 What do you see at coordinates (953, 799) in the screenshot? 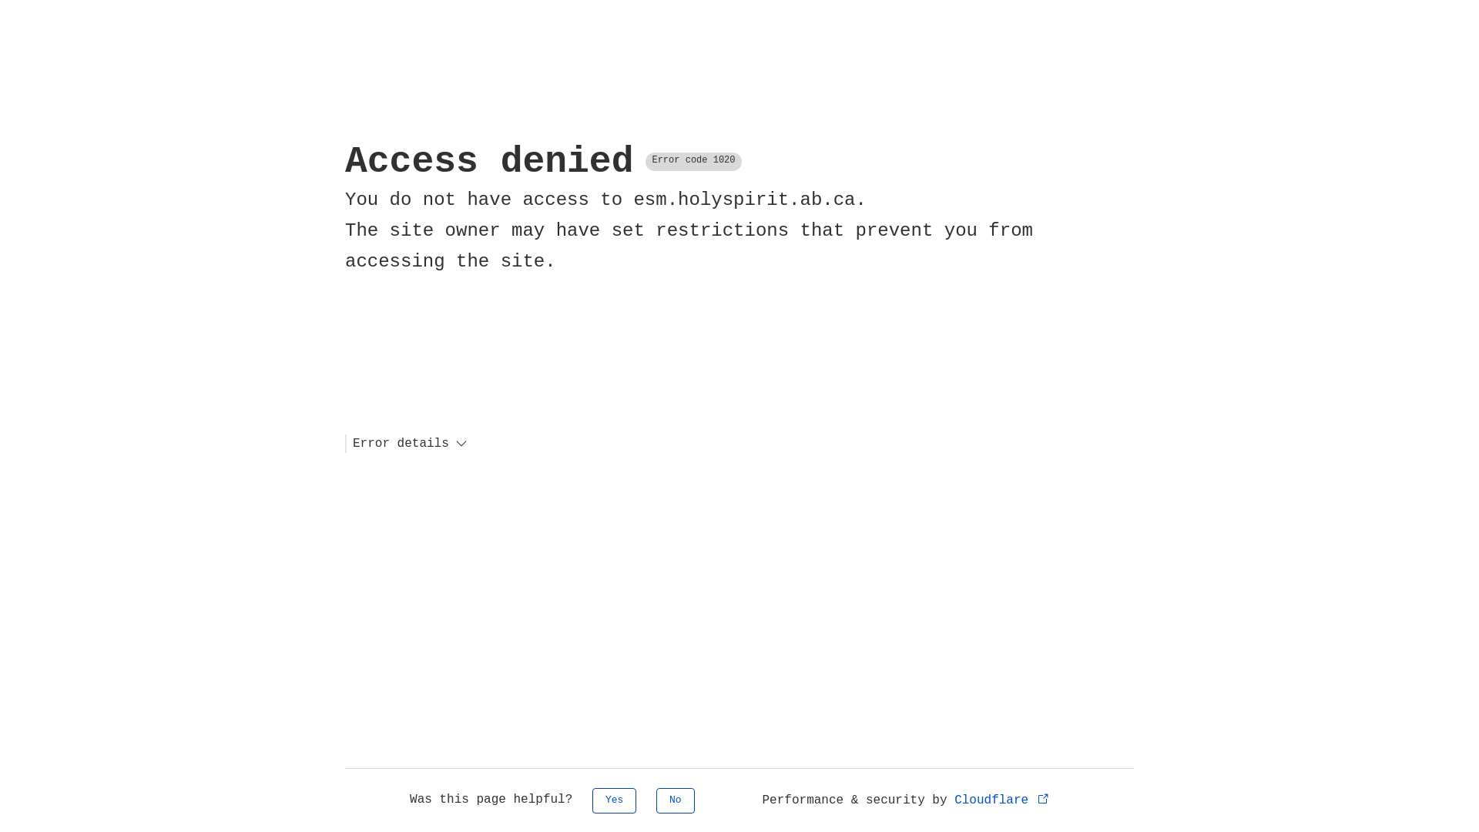
I see `'Cloudflare'` at bounding box center [953, 799].